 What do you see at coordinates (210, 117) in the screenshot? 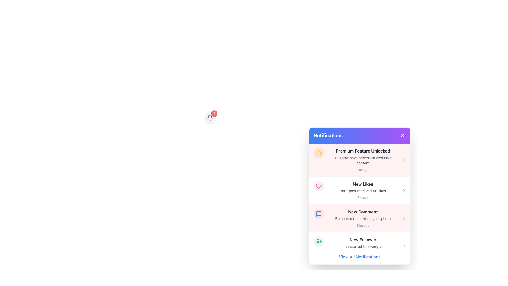
I see `the Icon with badge located in the notifications dropdown` at bounding box center [210, 117].